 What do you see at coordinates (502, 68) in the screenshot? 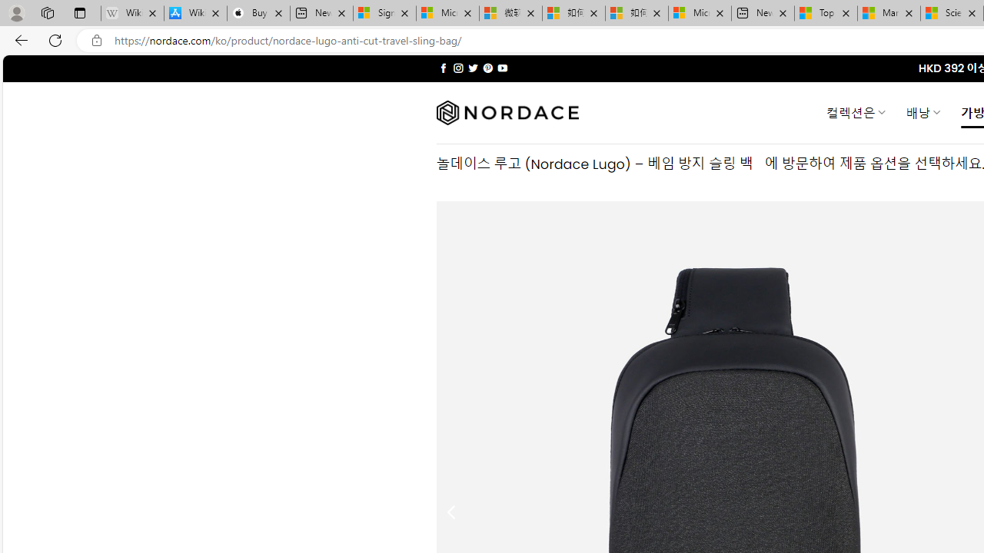
I see `'Follow on YouTube'` at bounding box center [502, 68].